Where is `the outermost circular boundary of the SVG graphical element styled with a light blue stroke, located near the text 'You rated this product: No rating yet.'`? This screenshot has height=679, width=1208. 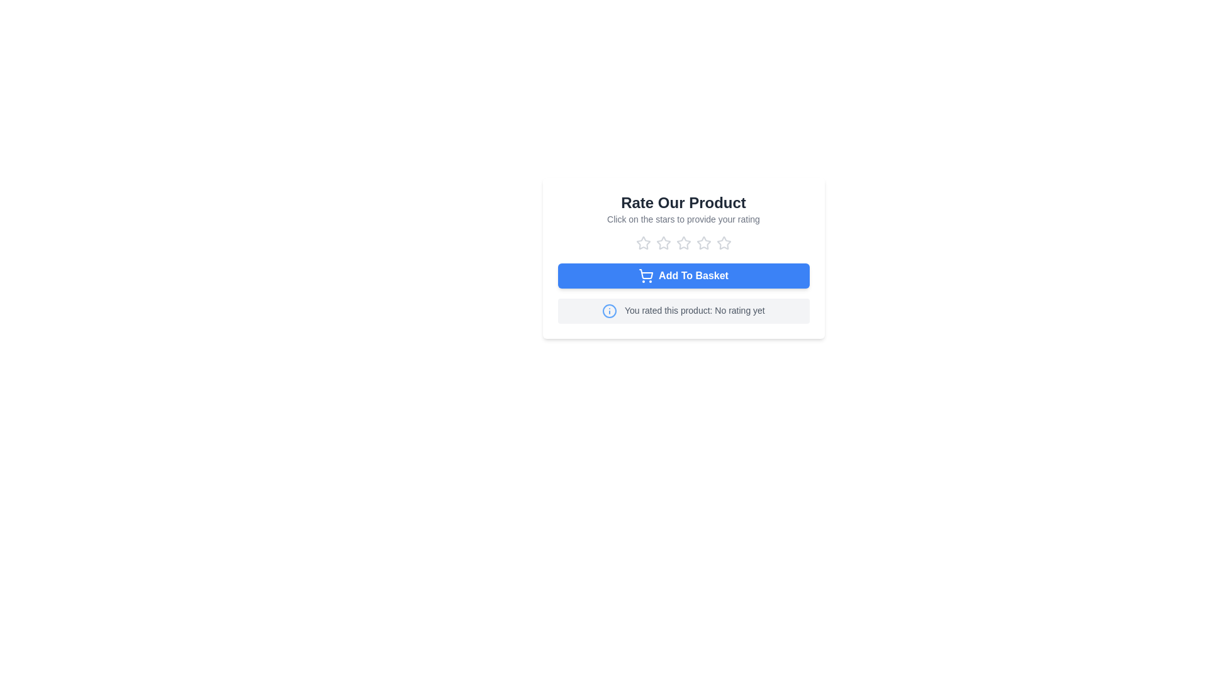 the outermost circular boundary of the SVG graphical element styled with a light blue stroke, located near the text 'You rated this product: No rating yet.' is located at coordinates (610, 311).